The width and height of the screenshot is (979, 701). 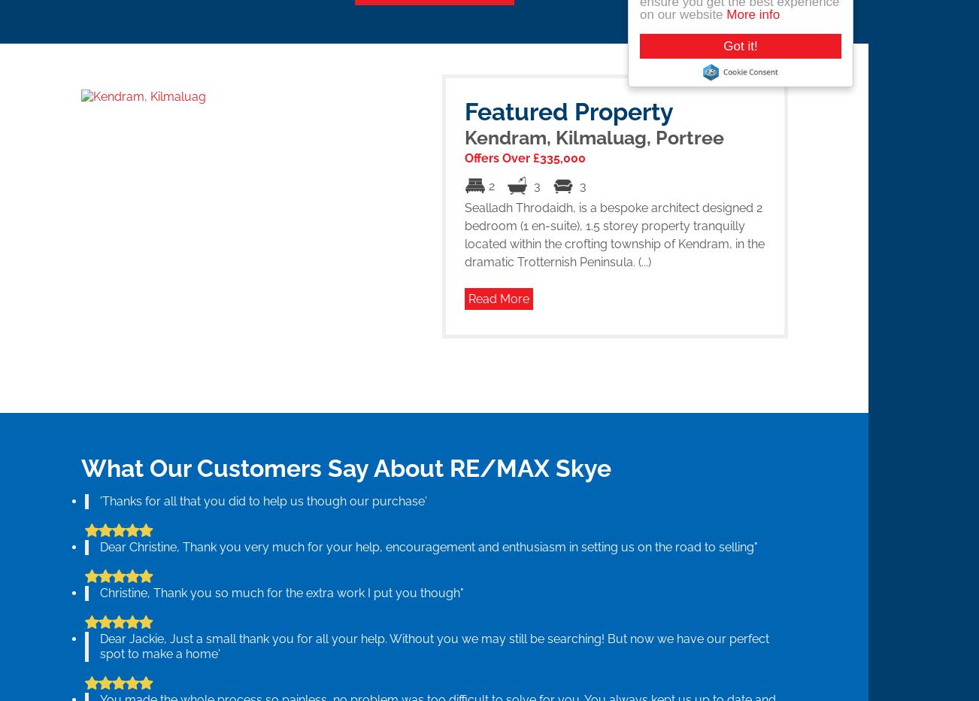 What do you see at coordinates (593, 138) in the screenshot?
I see `'Kendram, Kilmaluag, Portree'` at bounding box center [593, 138].